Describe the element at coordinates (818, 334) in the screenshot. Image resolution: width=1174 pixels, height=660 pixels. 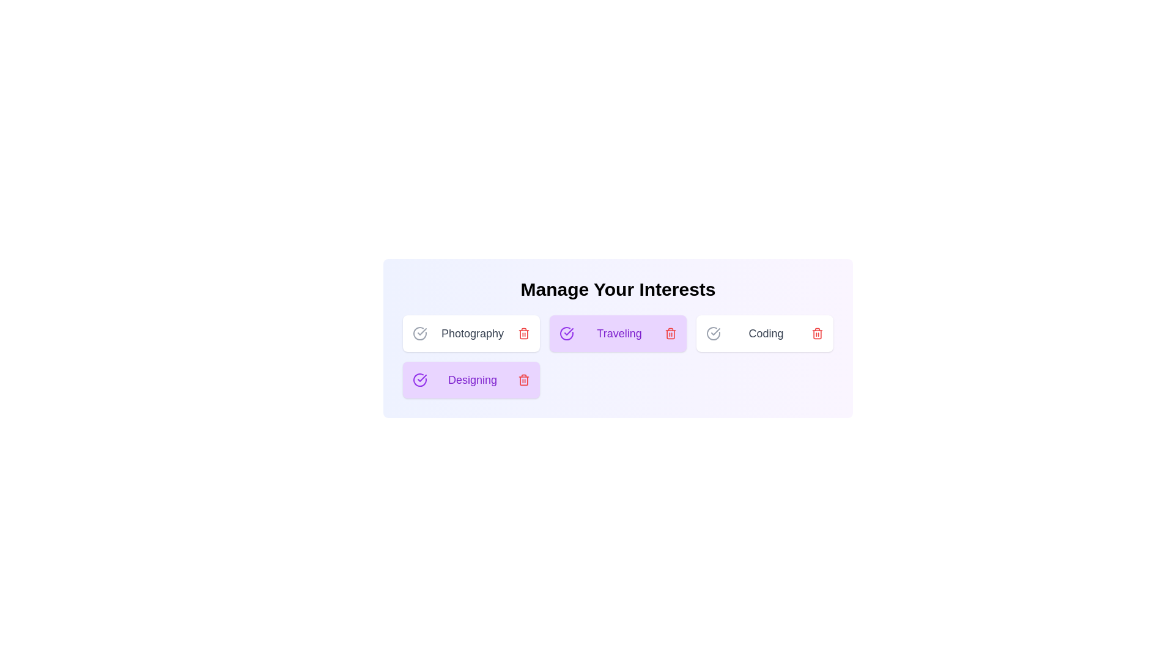
I see `delete icon for the chip labeled 'Coding' to remove it` at that location.